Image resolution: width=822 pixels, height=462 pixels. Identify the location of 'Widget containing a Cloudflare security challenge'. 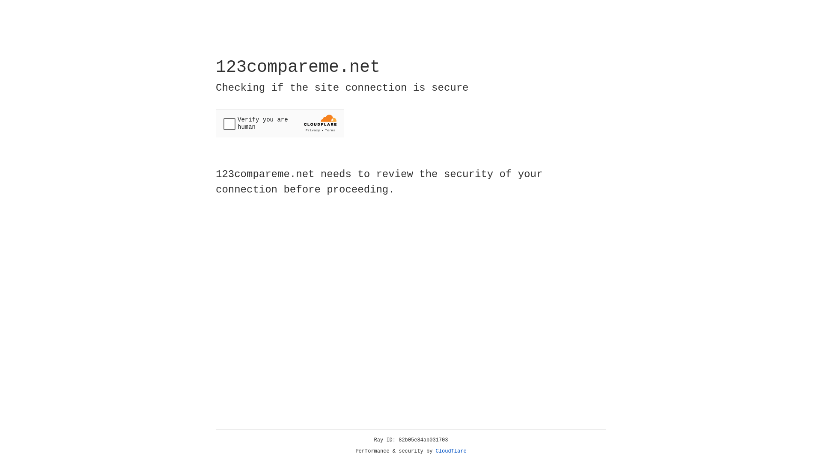
(280, 123).